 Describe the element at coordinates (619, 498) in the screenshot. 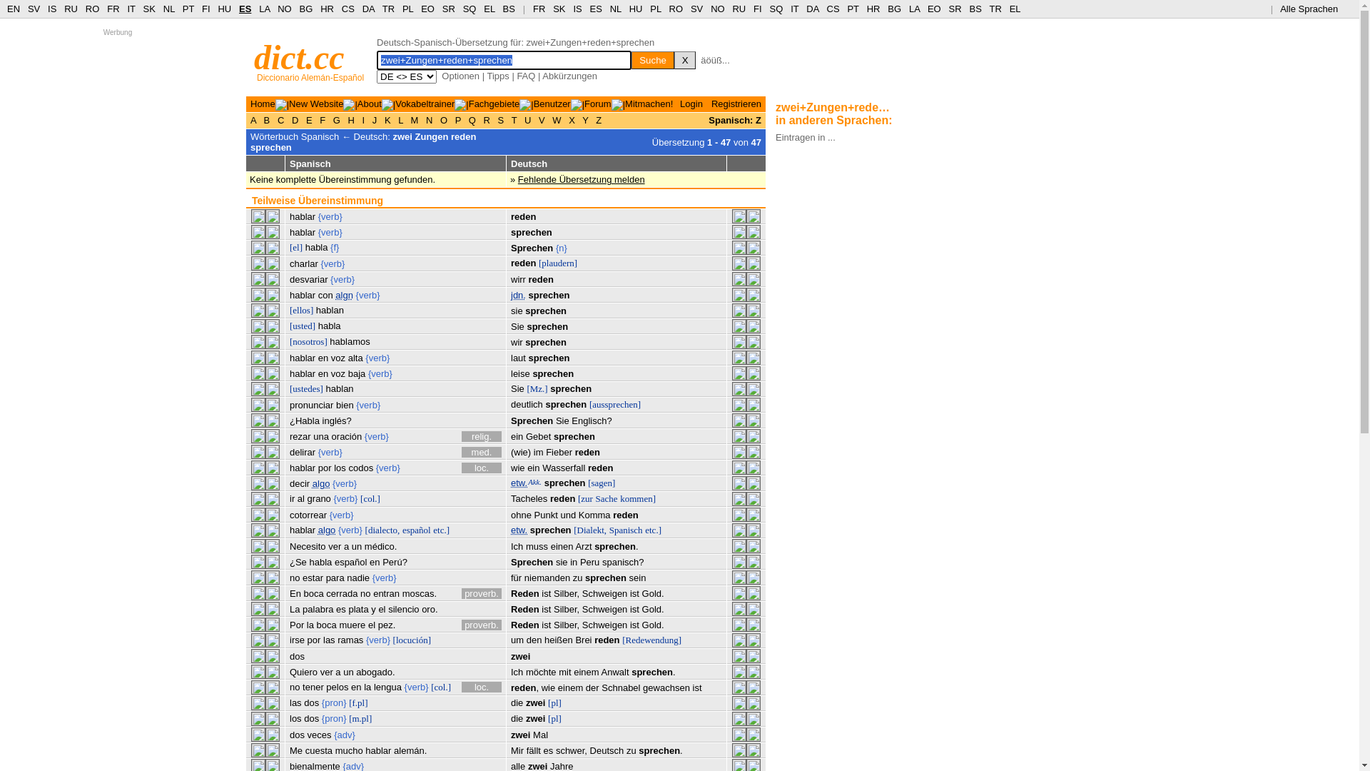

I see `'kommen]'` at that location.